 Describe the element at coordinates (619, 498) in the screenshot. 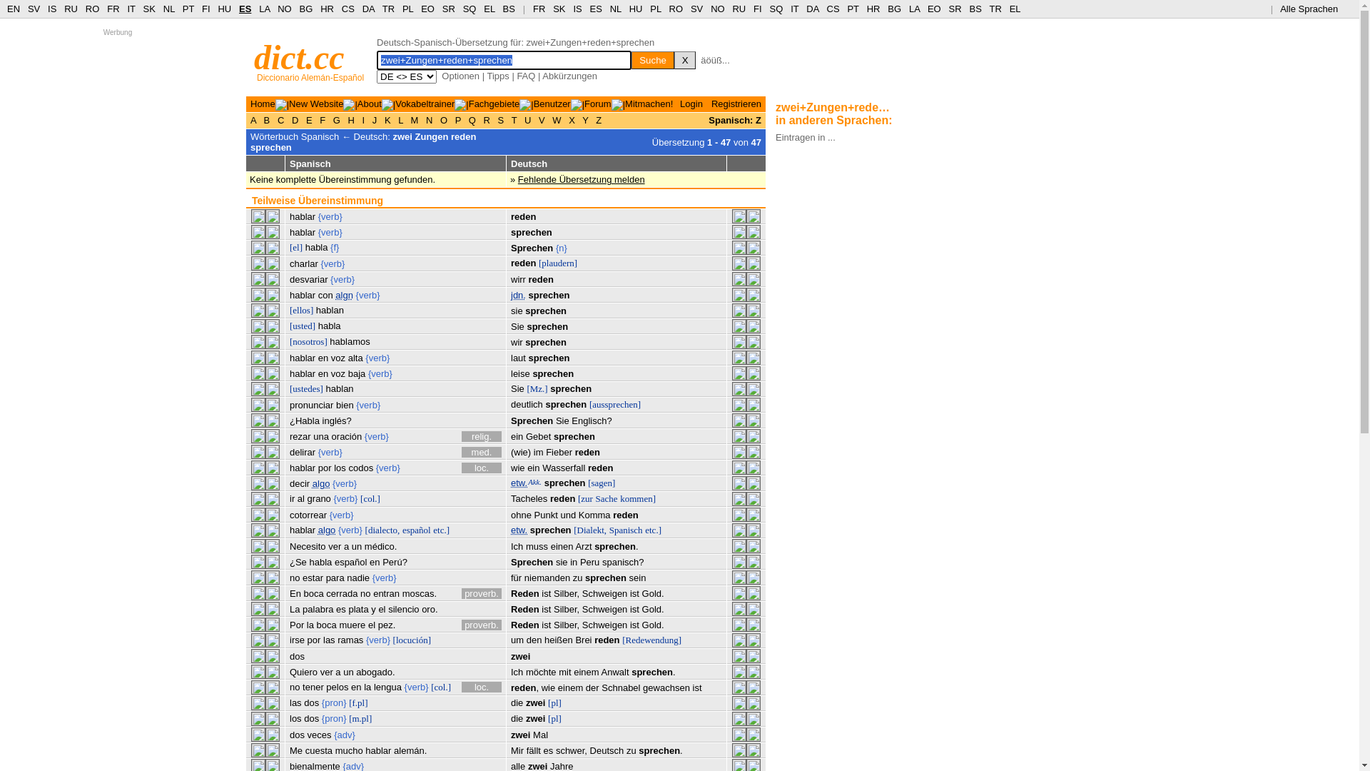

I see `'kommen]'` at that location.